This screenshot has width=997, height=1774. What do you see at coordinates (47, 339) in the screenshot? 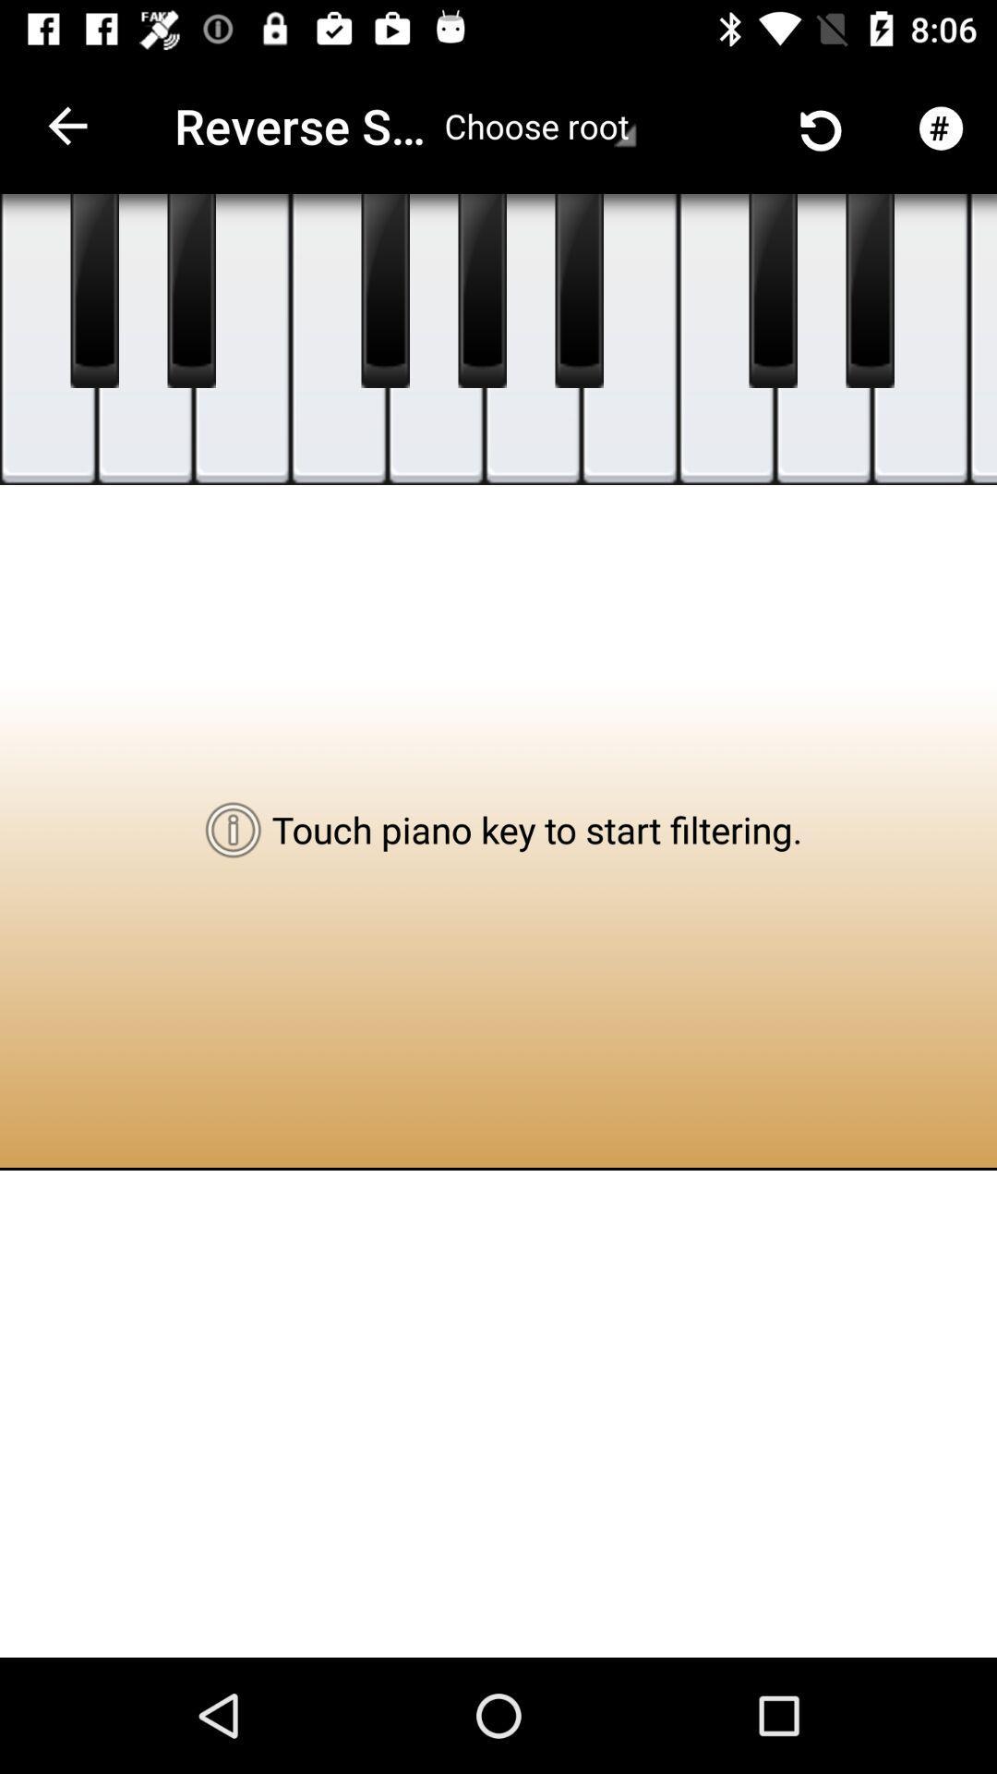
I see `start filtering` at bounding box center [47, 339].